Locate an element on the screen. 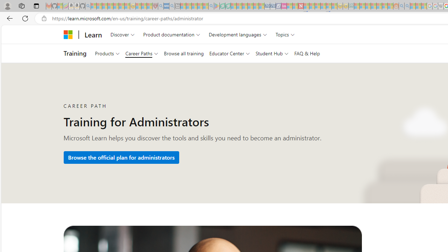 The width and height of the screenshot is (448, 252). 'Product documentation' is located at coordinates (171, 34).